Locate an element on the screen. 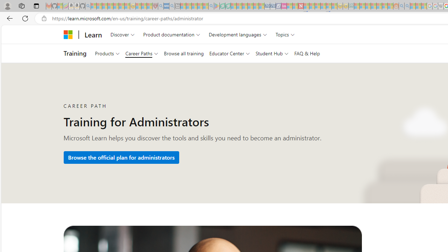 The width and height of the screenshot is (448, 252). 'Product documentation' is located at coordinates (171, 34).